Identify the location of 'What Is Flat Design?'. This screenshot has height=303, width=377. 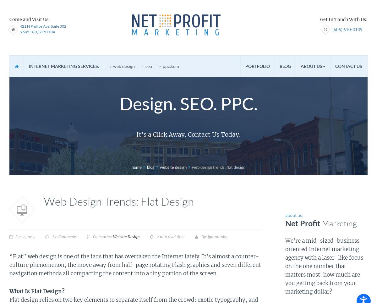
(9, 291).